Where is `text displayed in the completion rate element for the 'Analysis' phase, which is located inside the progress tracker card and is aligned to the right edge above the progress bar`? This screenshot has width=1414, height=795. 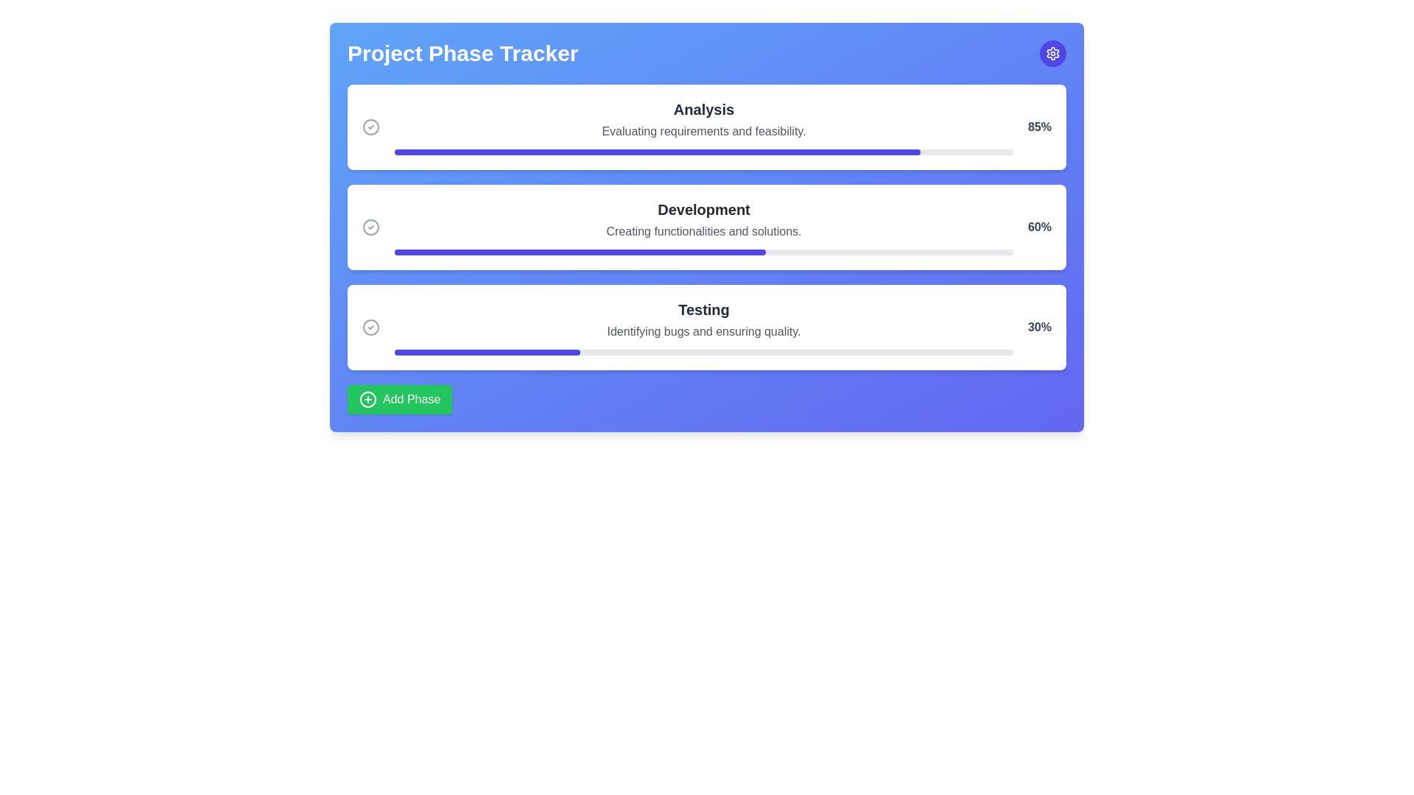
text displayed in the completion rate element for the 'Analysis' phase, which is located inside the progress tracker card and is aligned to the right edge above the progress bar is located at coordinates (1038, 127).